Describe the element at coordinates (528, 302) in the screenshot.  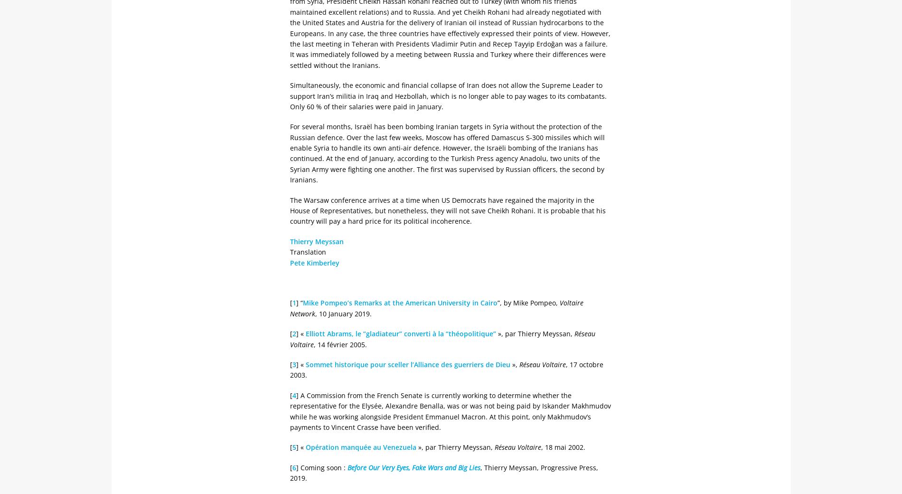
I see `'”, by Mike Pompeo,'` at that location.